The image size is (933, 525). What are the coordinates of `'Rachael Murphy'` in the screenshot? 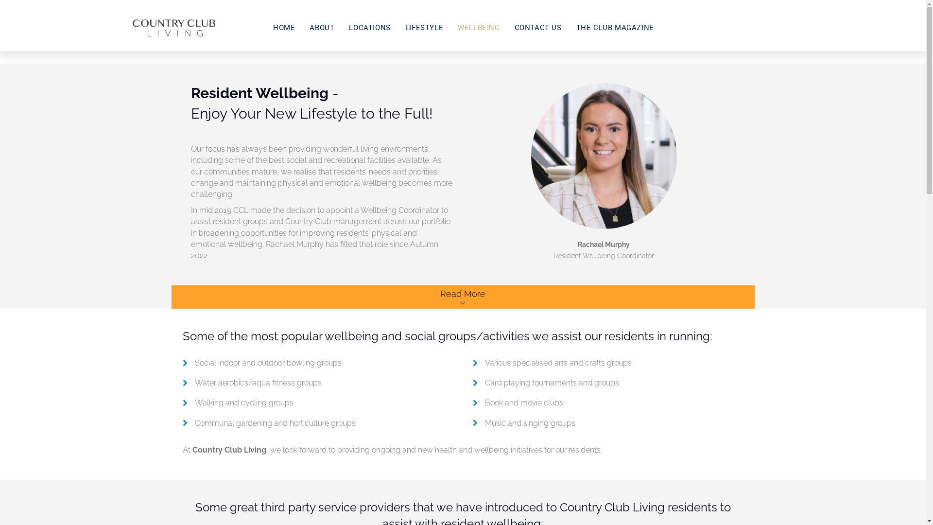 It's located at (603, 155).